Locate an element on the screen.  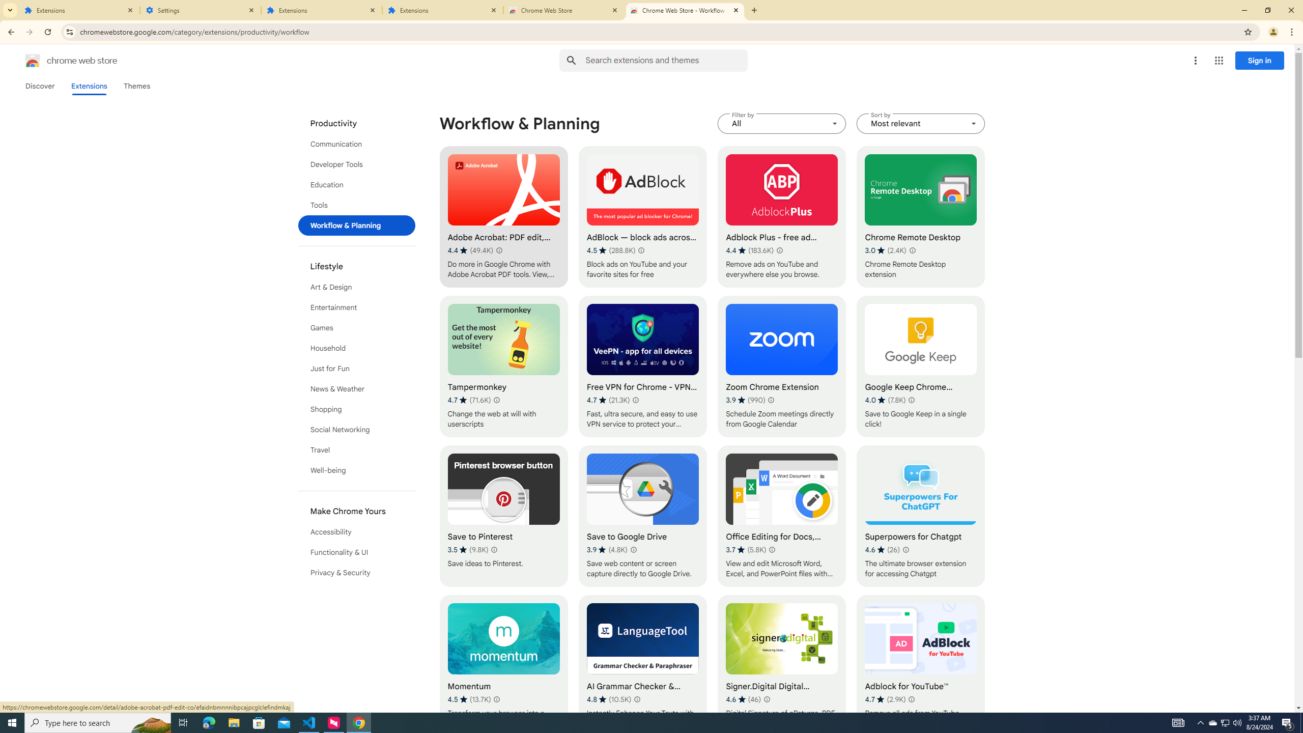
'Sort by Most relevant' is located at coordinates (920, 123).